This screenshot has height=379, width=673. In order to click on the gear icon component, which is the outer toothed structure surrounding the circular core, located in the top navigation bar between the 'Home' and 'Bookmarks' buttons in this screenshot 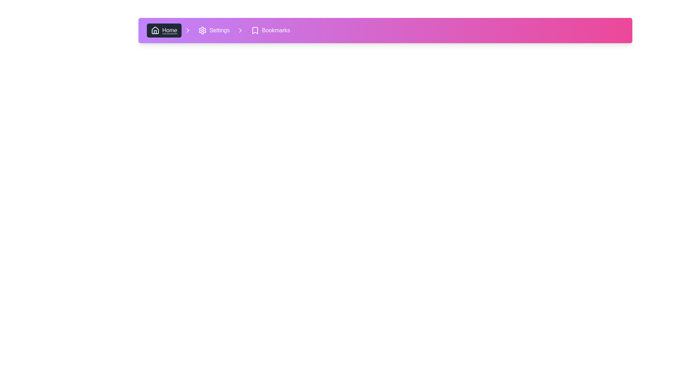, I will do `click(202, 30)`.